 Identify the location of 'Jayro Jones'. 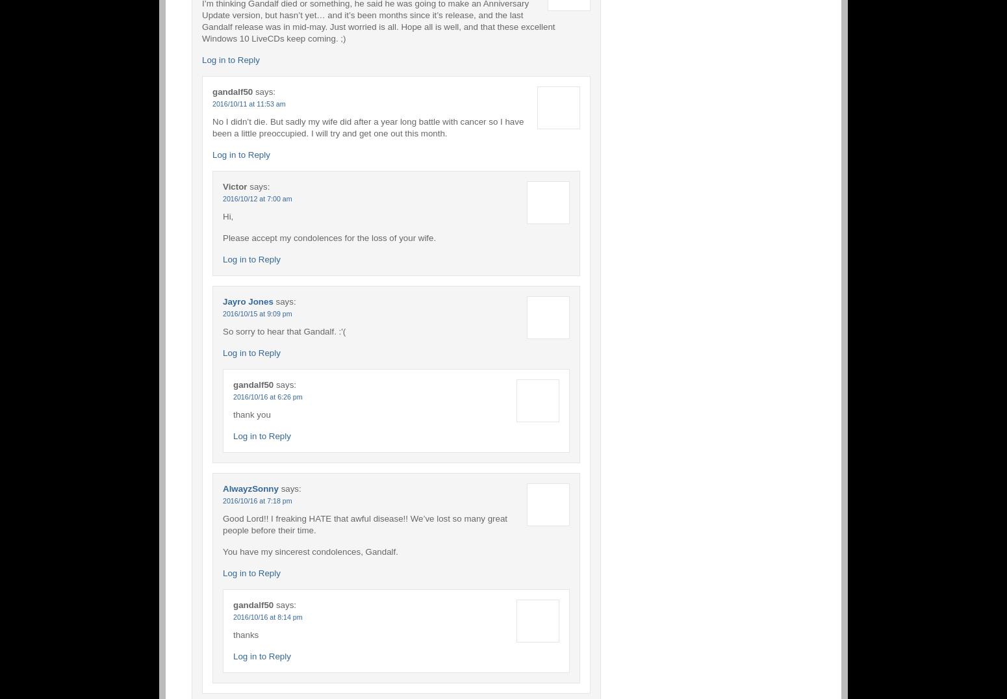
(222, 300).